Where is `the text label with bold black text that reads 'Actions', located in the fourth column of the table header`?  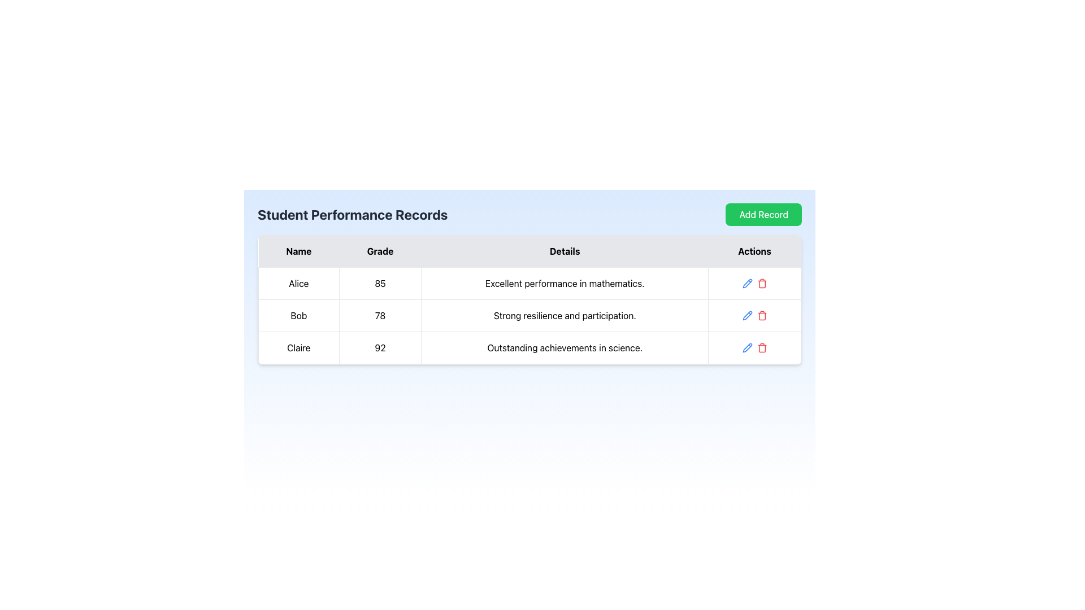
the text label with bold black text that reads 'Actions', located in the fourth column of the table header is located at coordinates (754, 251).